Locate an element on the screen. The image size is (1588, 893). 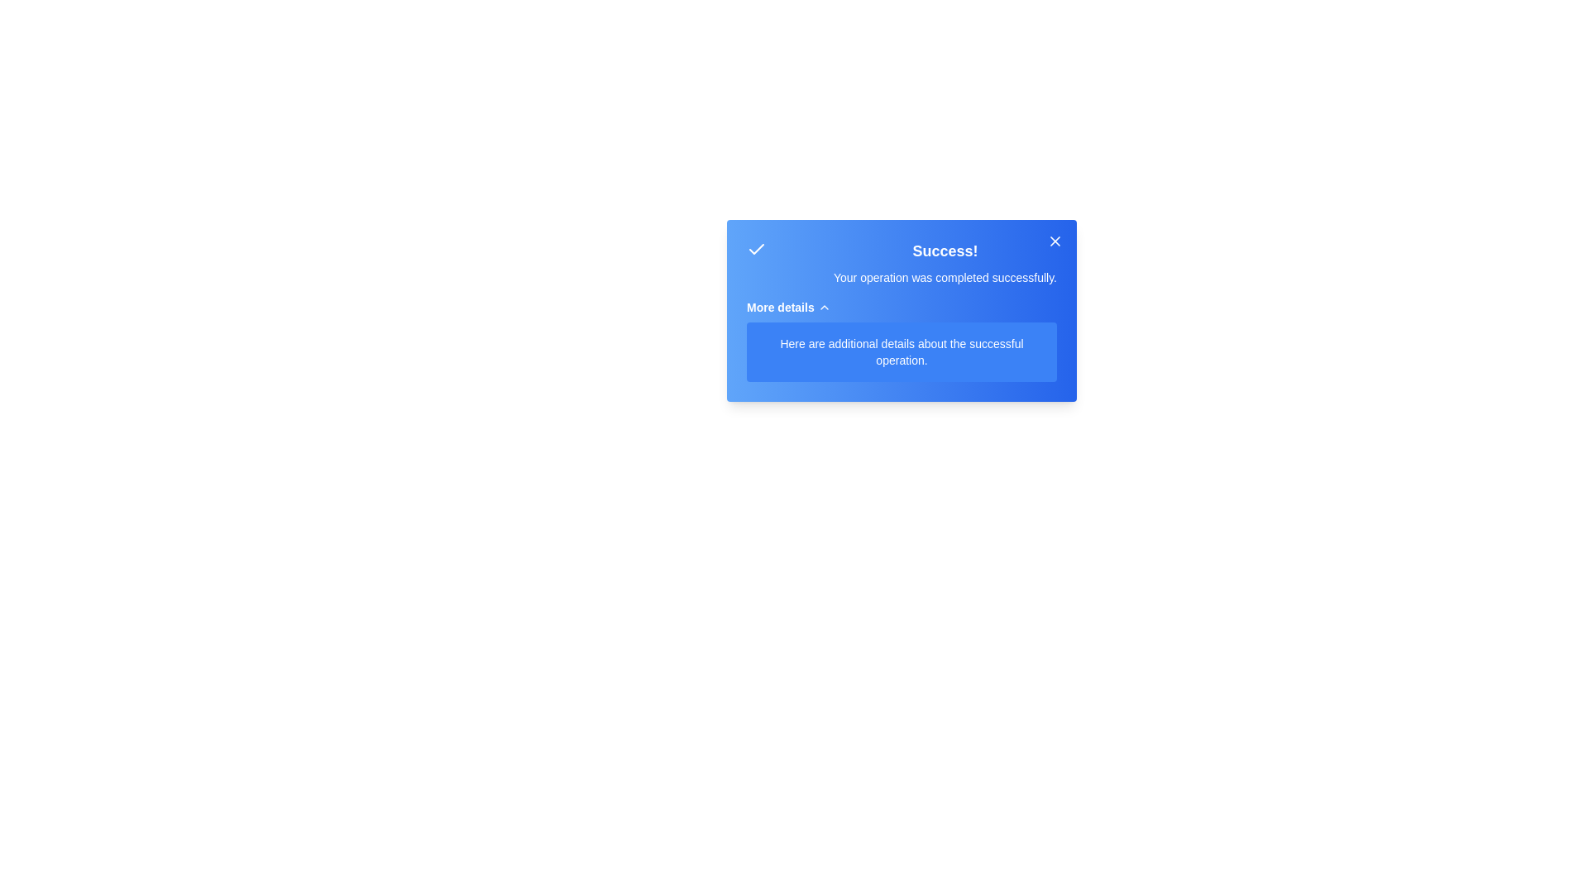
'More details' button to toggle the dropdown details visibility is located at coordinates (787, 307).